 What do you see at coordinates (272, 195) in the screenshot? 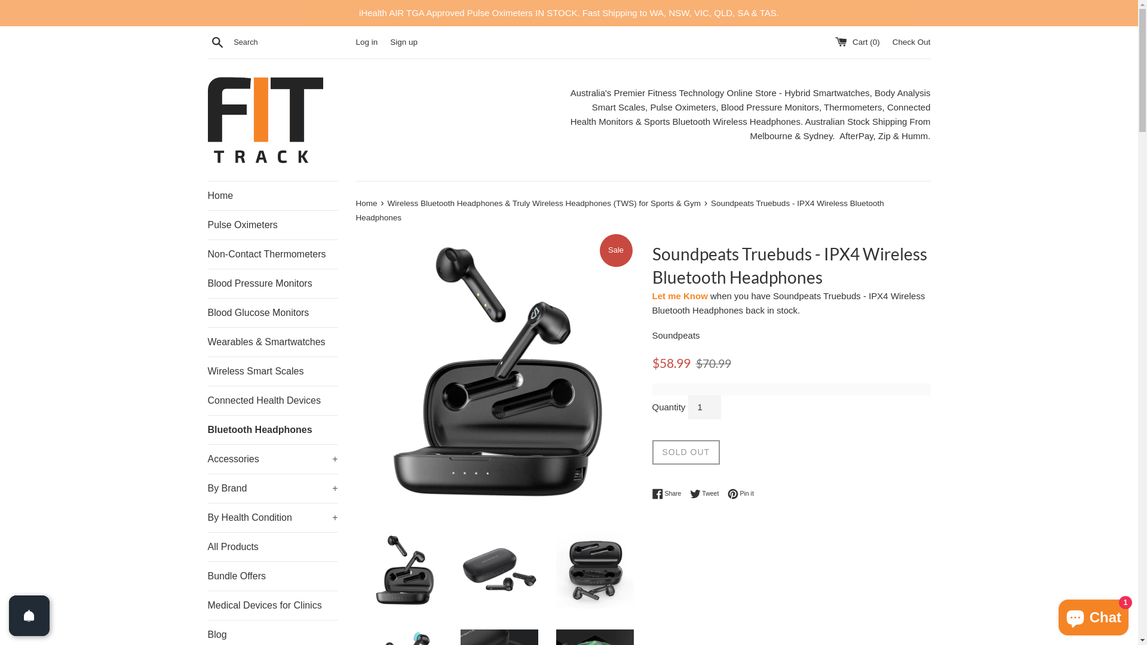
I see `'Home'` at bounding box center [272, 195].